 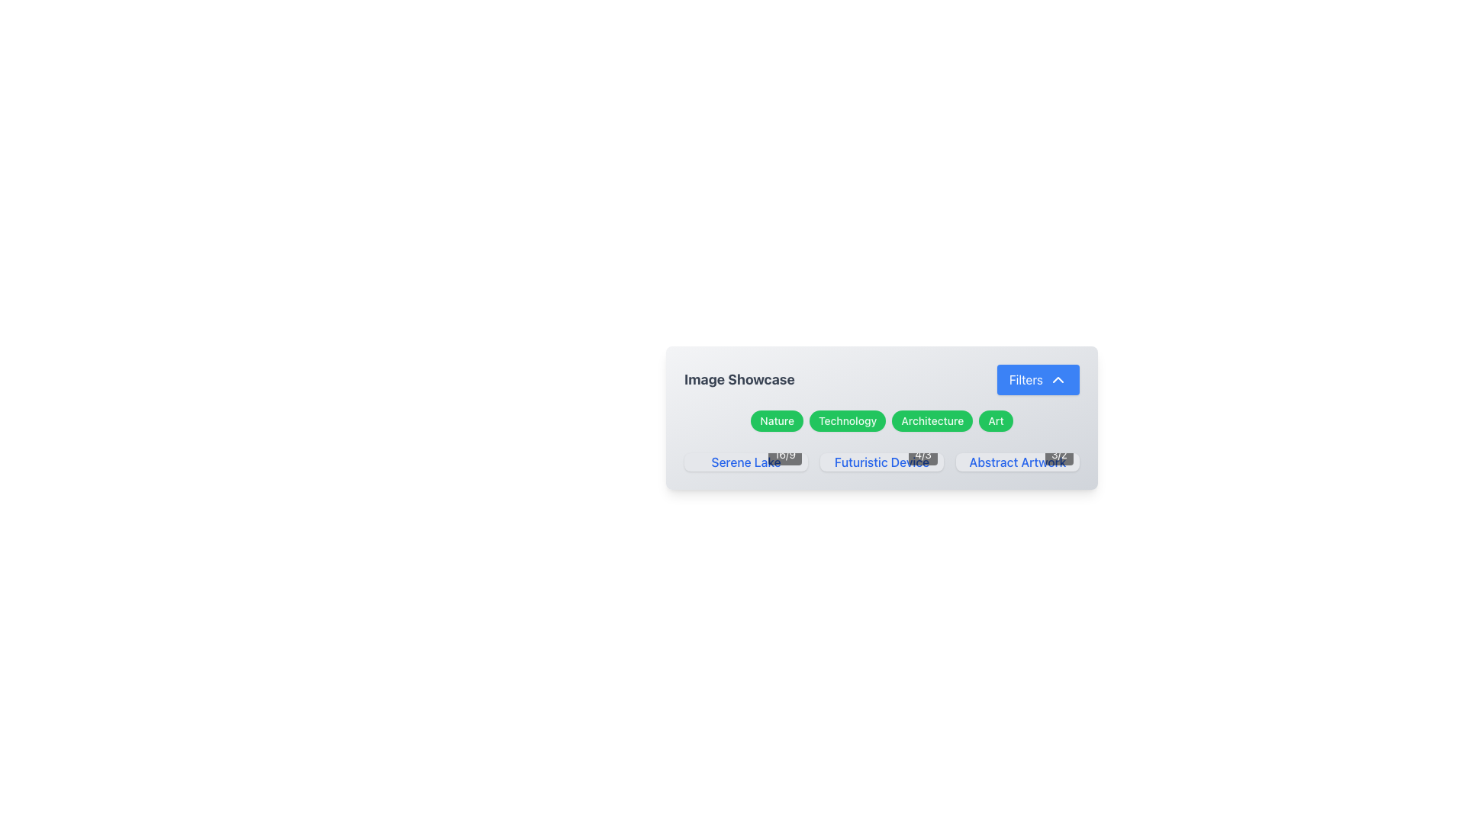 I want to click on the card representing 'Abstract Artwork', which is the third item in a row of three similar items, located towards the right end of the group, so click(x=1018, y=461).